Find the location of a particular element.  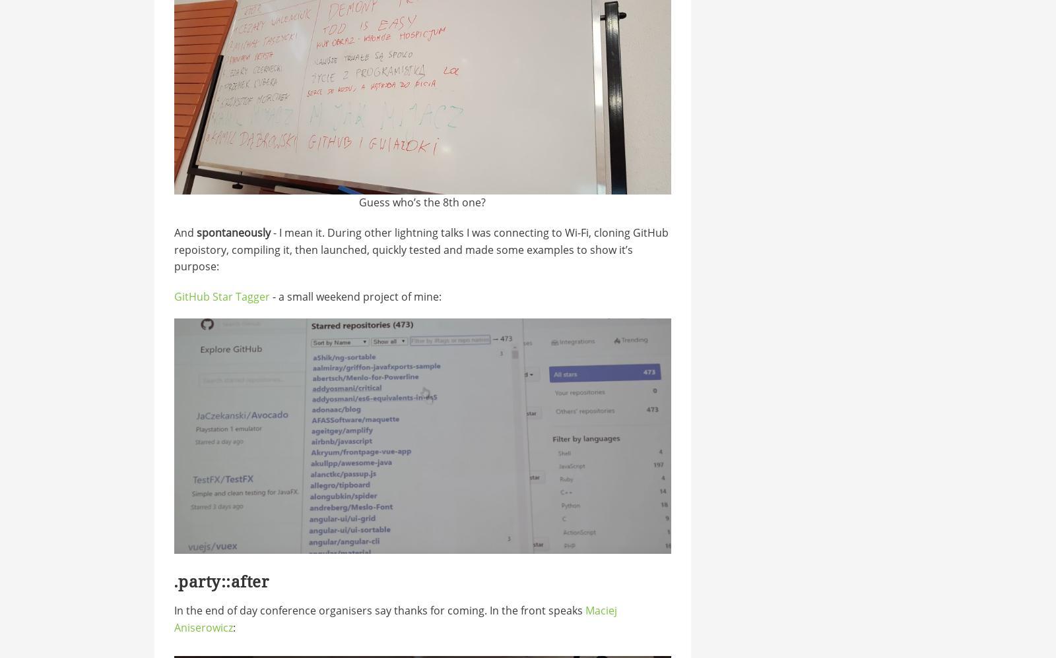

'And' is located at coordinates (174, 231).